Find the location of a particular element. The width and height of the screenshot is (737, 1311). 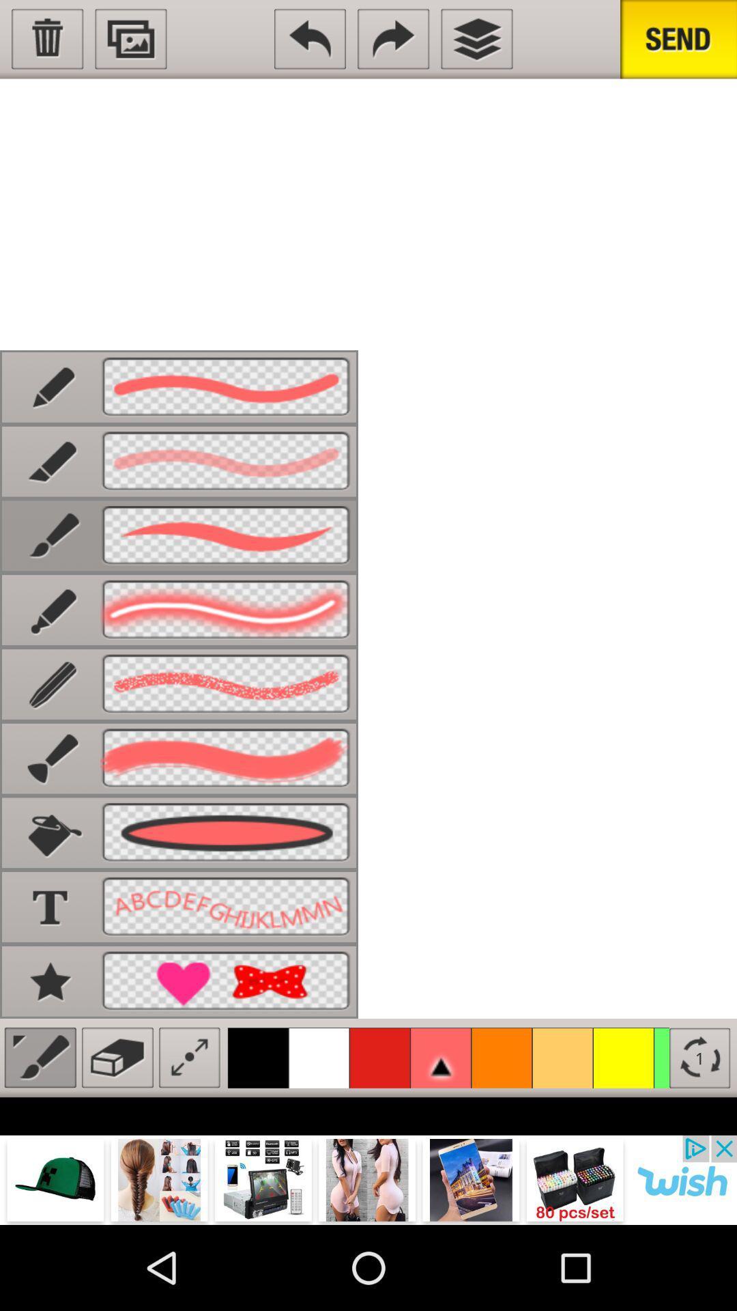

the redo icon is located at coordinates (393, 39).